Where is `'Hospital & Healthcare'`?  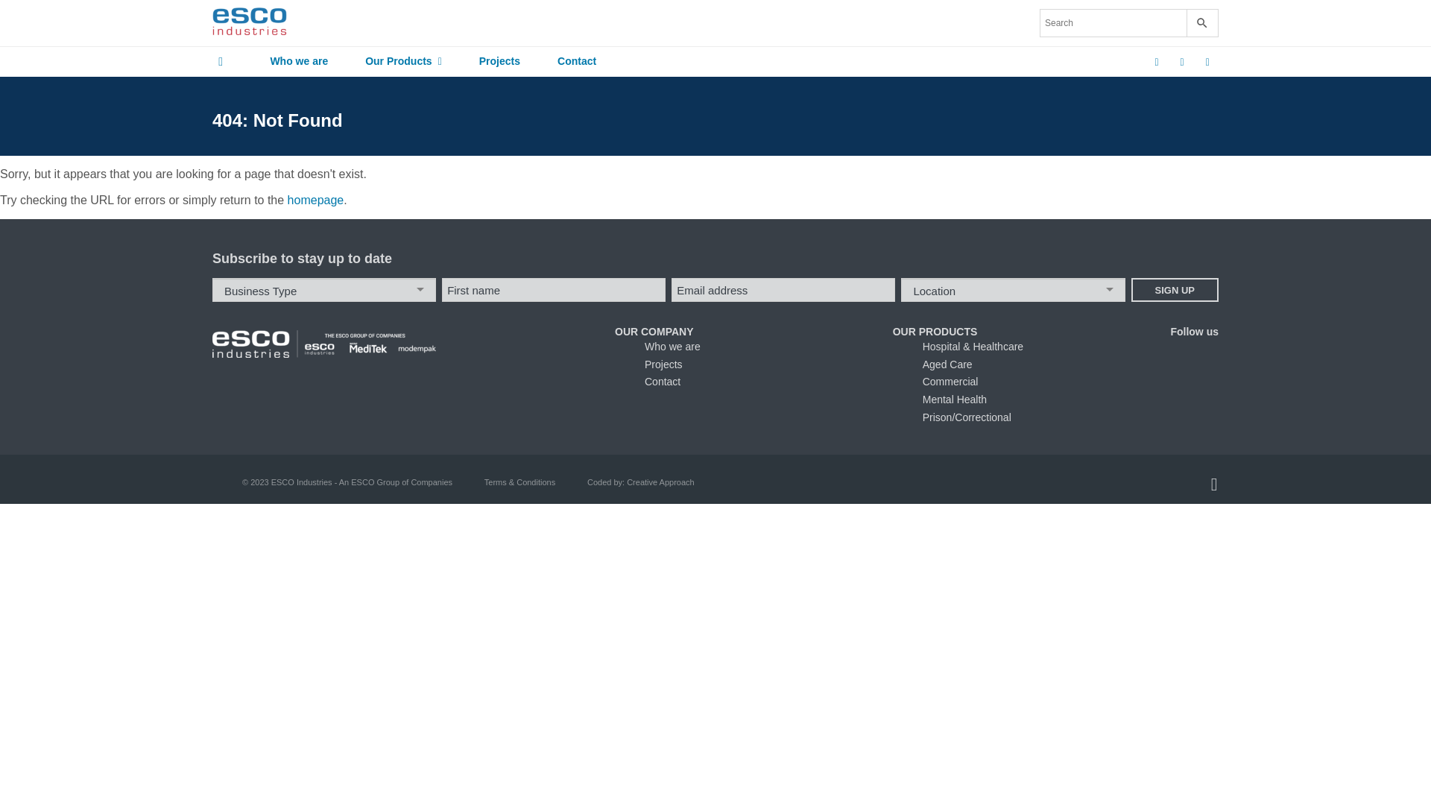 'Hospital & Healthcare' is located at coordinates (922, 347).